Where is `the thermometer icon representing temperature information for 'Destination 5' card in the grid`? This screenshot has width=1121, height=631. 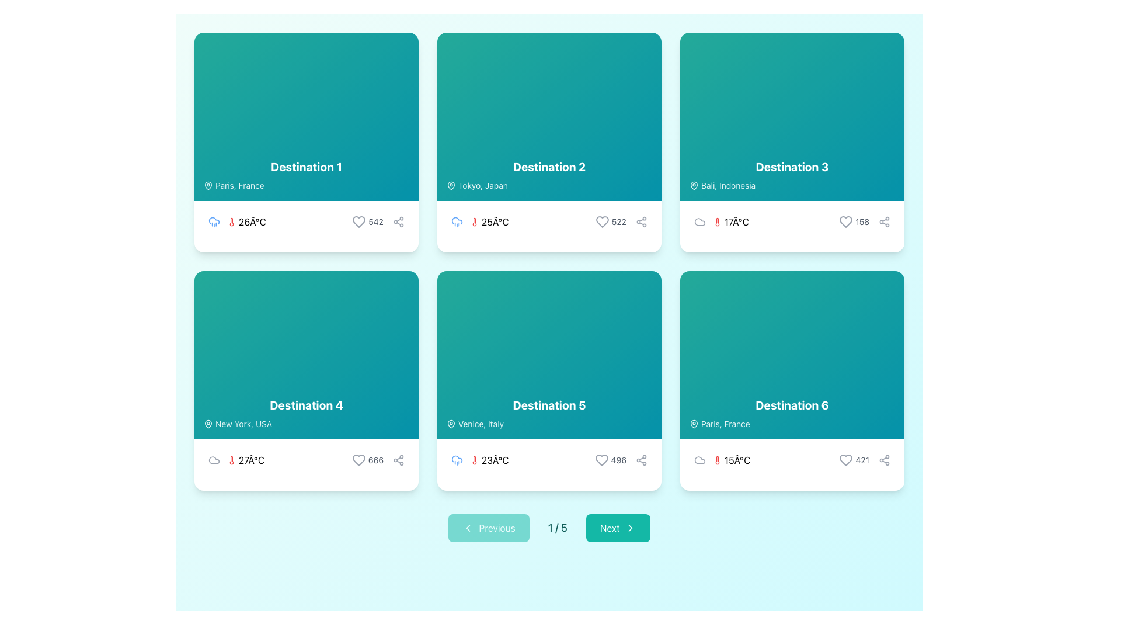 the thermometer icon representing temperature information for 'Destination 5' card in the grid is located at coordinates (474, 459).